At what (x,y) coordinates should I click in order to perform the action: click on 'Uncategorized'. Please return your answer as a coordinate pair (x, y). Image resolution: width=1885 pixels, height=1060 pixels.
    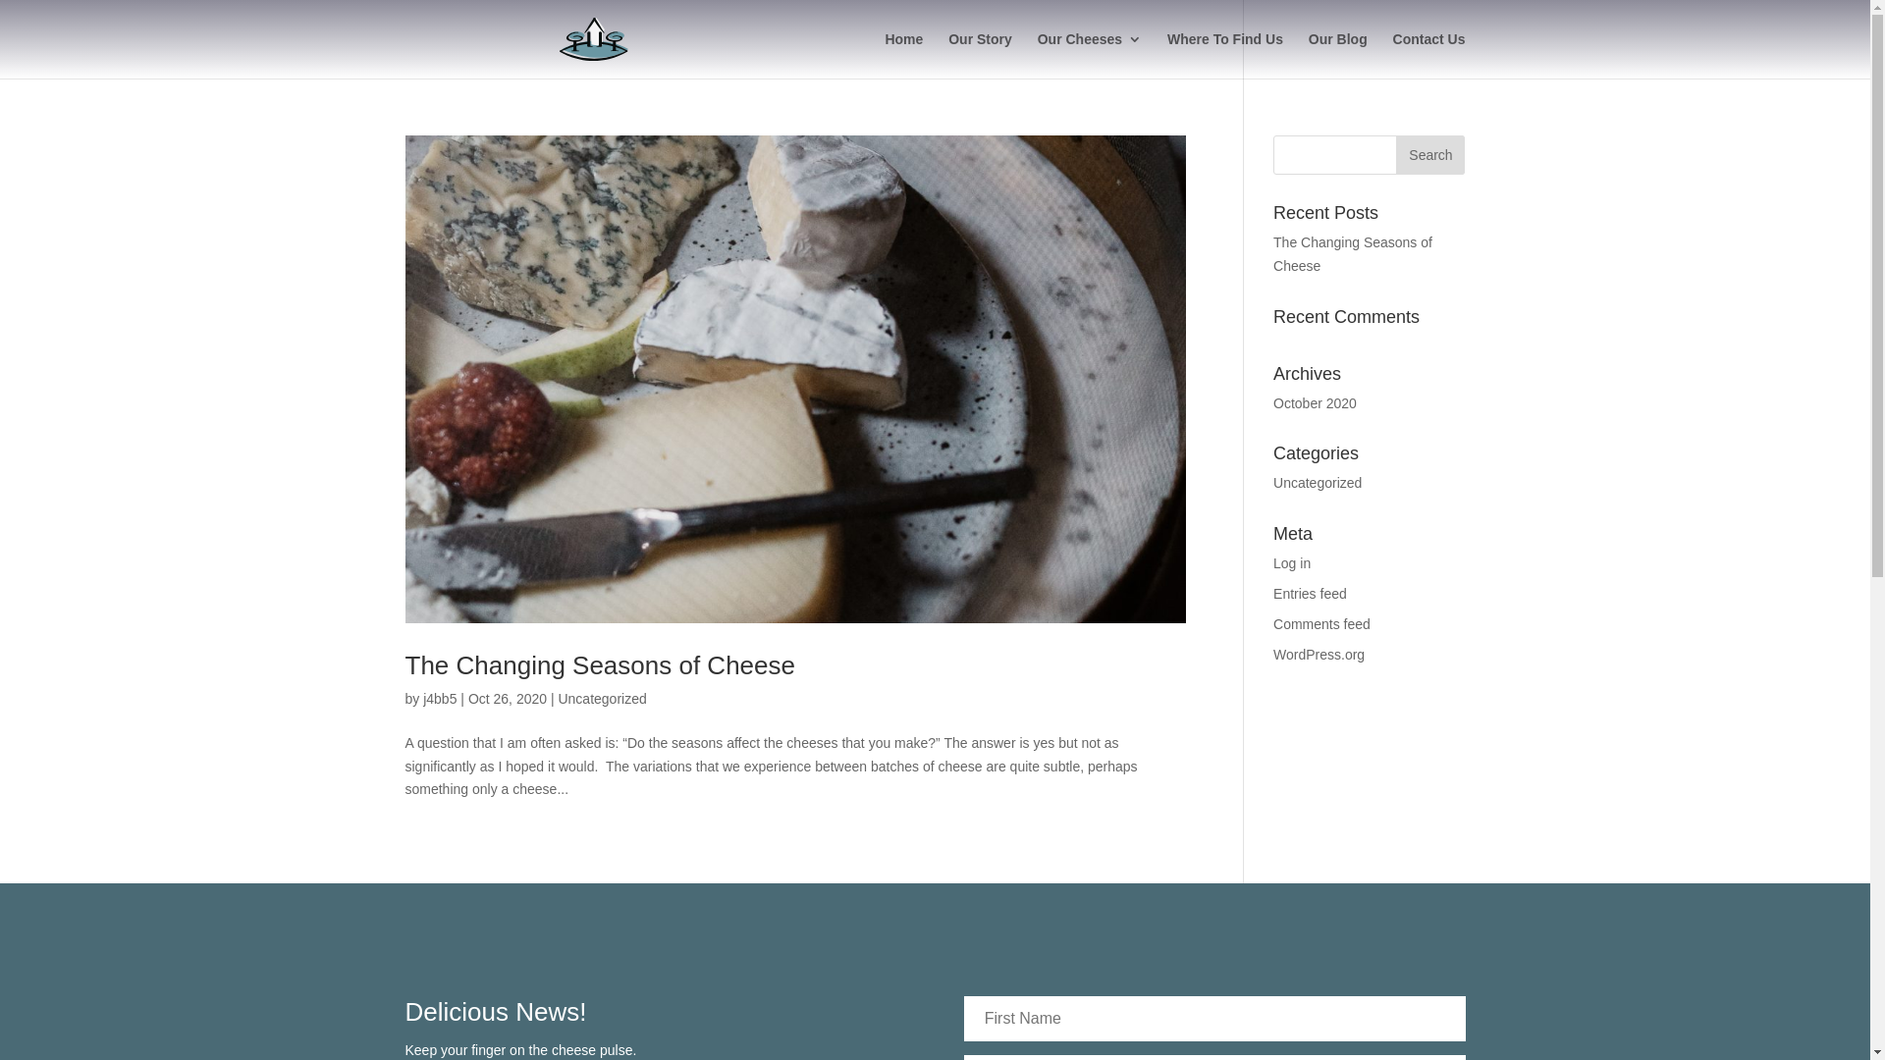
    Looking at the image, I should click on (1318, 483).